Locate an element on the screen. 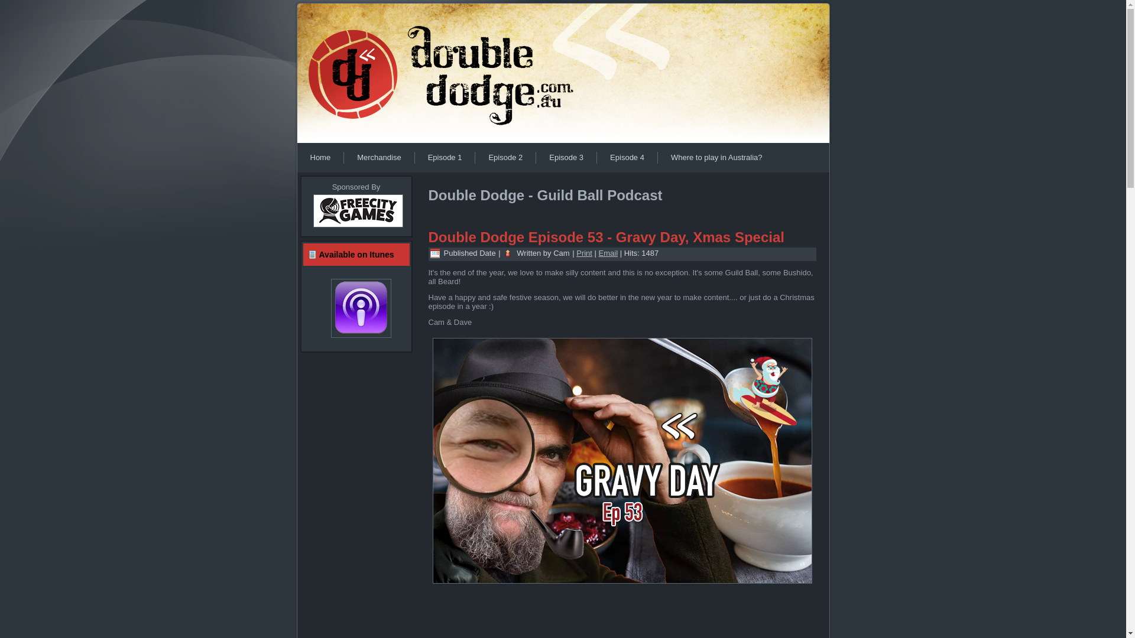  'Episode 1' is located at coordinates (445, 157).